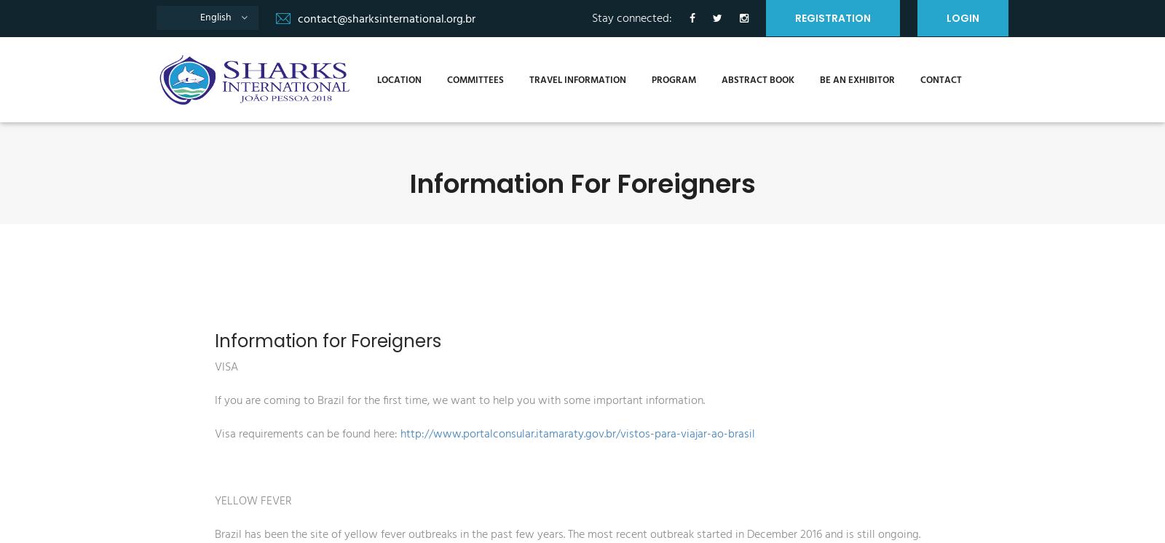 Image resolution: width=1165 pixels, height=543 pixels. I want to click on 'Abstract Book', so click(711, 79).